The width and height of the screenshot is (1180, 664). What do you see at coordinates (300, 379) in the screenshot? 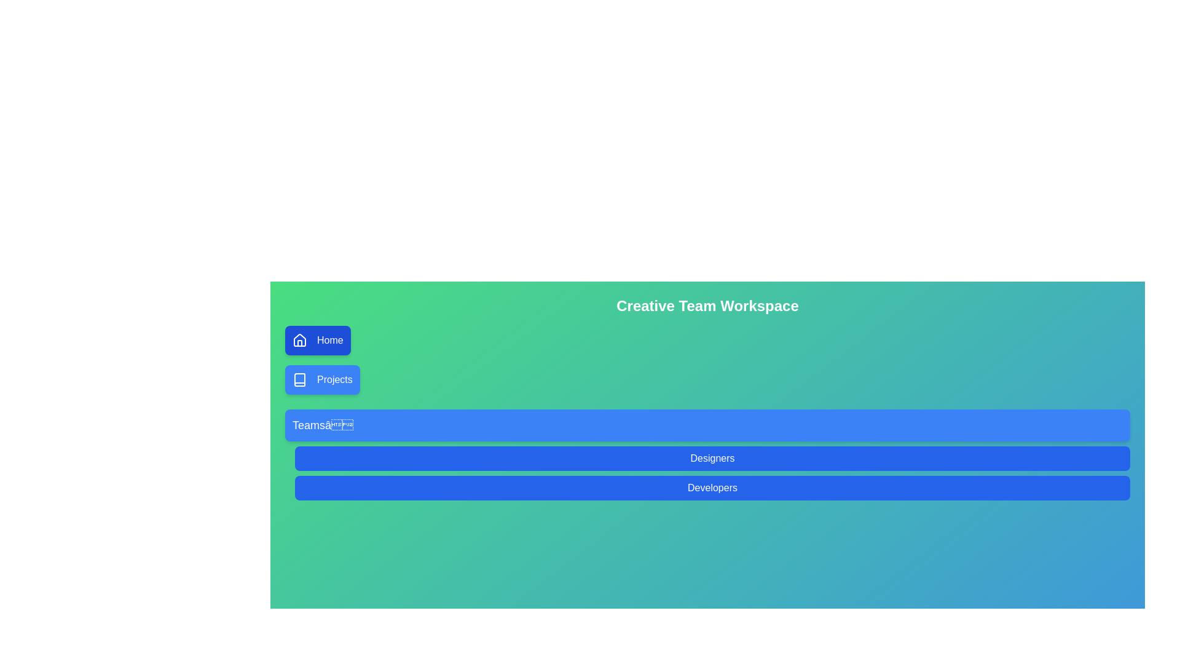
I see `the 'Projects' icon located inside the 'Projects' button, which is the second button in the vertical navigation list` at bounding box center [300, 379].